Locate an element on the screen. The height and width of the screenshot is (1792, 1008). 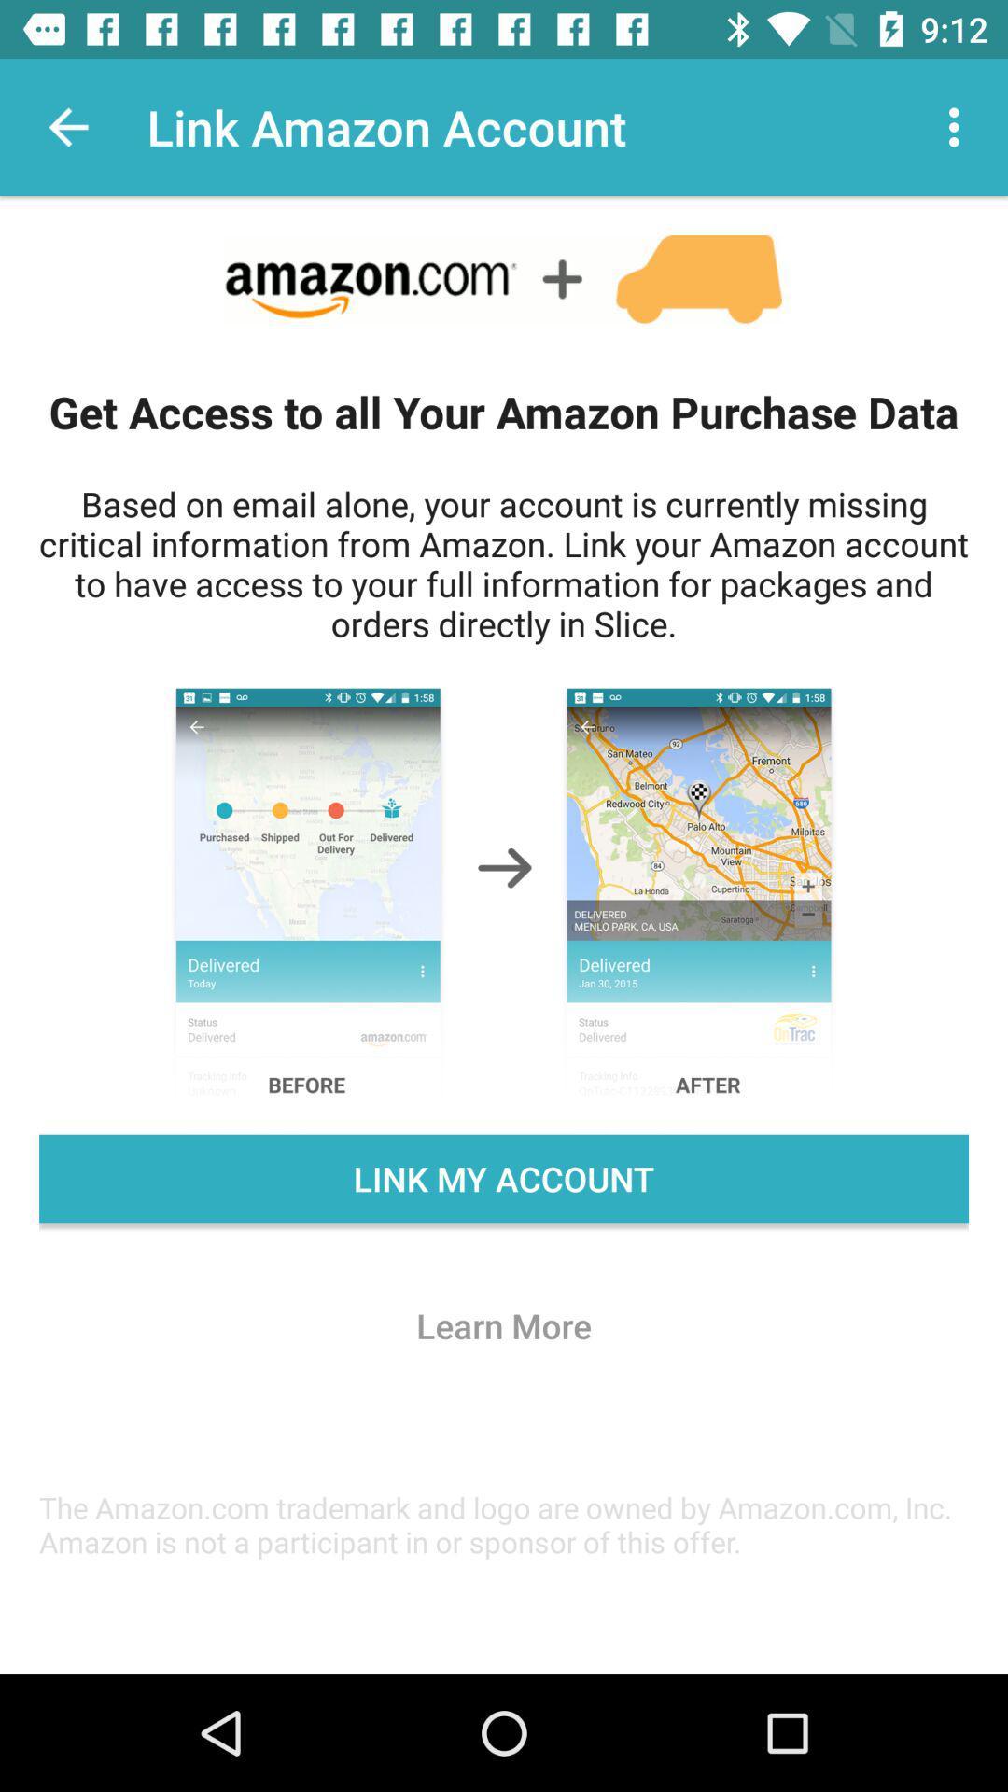
icon next to link amazon account item is located at coordinates (959, 126).